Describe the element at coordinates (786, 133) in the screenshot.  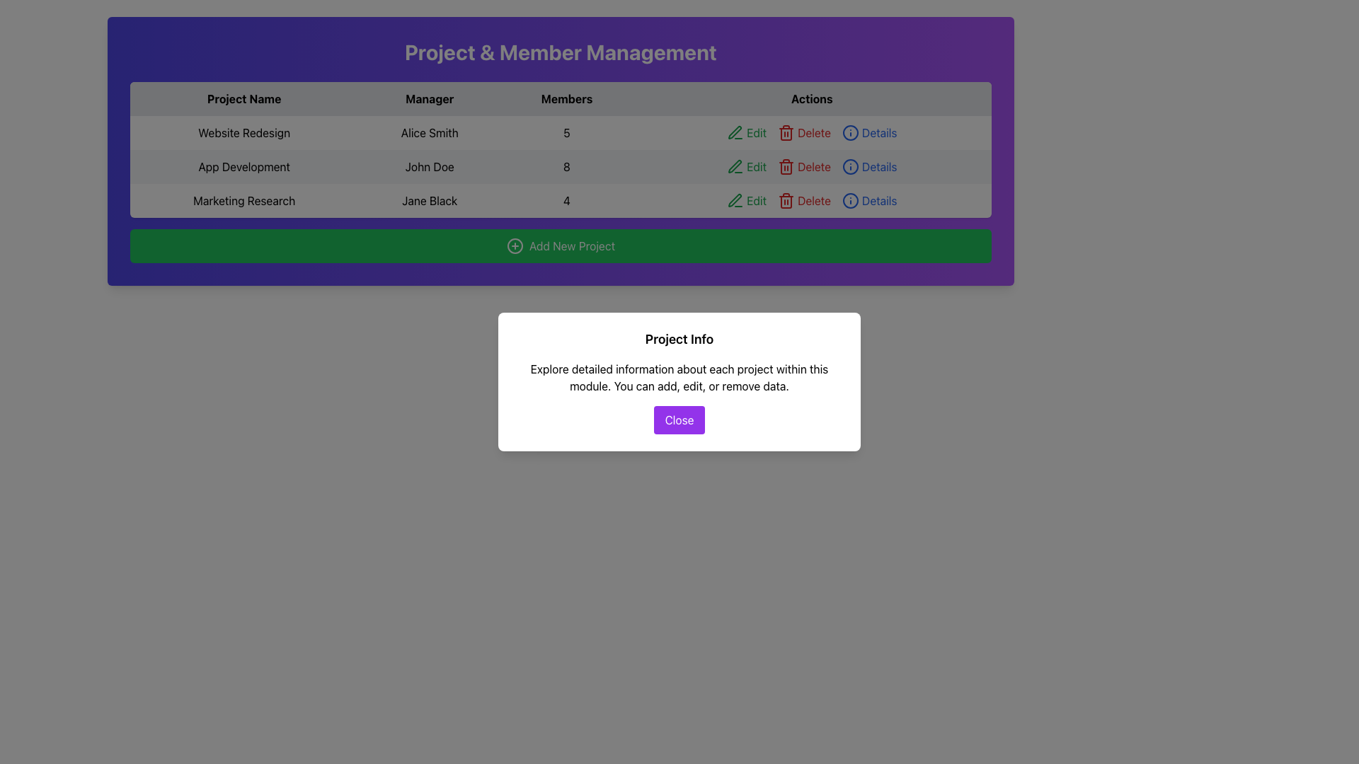
I see `the delete icon button located in the 'Actions' column of the second row in the table layout` at that location.